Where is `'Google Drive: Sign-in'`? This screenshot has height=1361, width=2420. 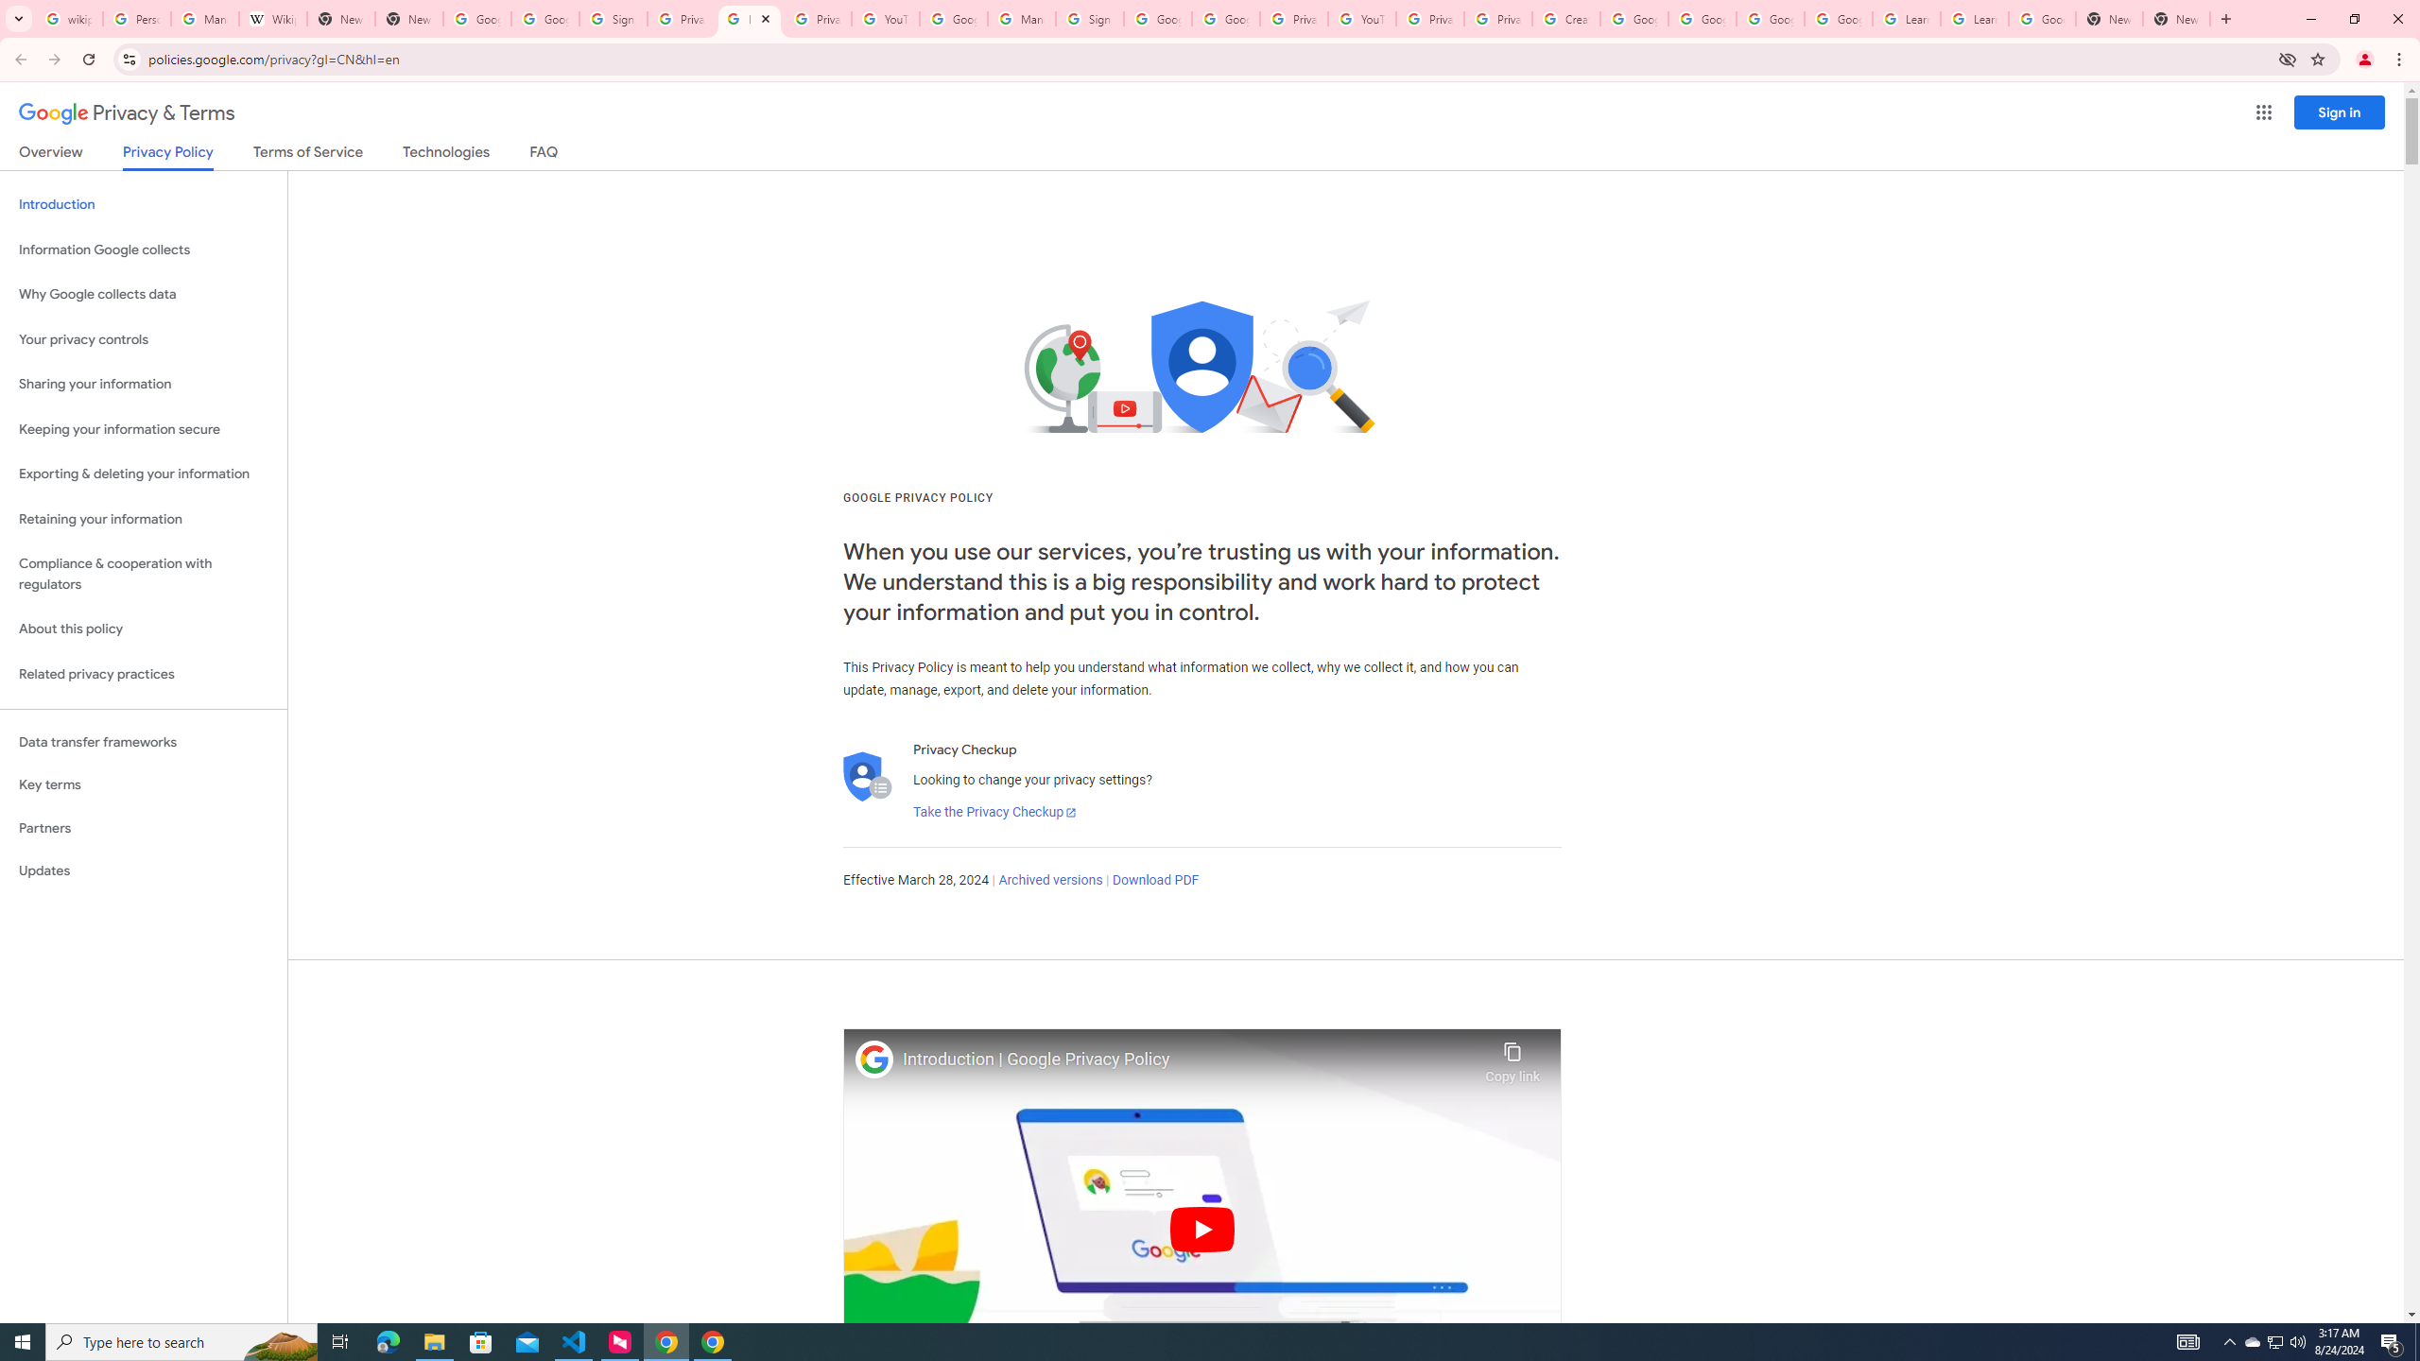 'Google Drive: Sign-in' is located at coordinates (544, 18).